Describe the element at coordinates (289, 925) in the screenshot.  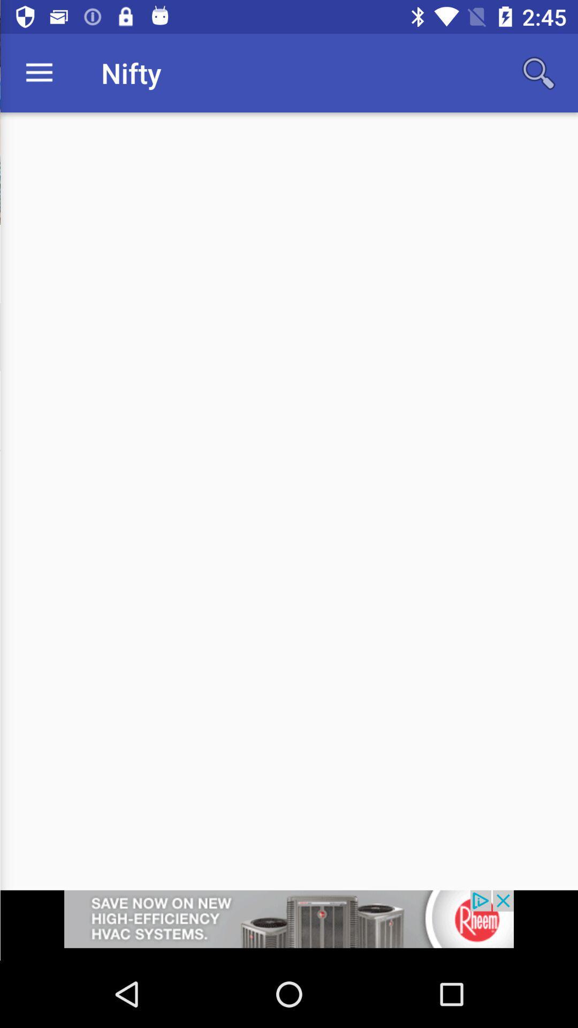
I see `open advertisement` at that location.